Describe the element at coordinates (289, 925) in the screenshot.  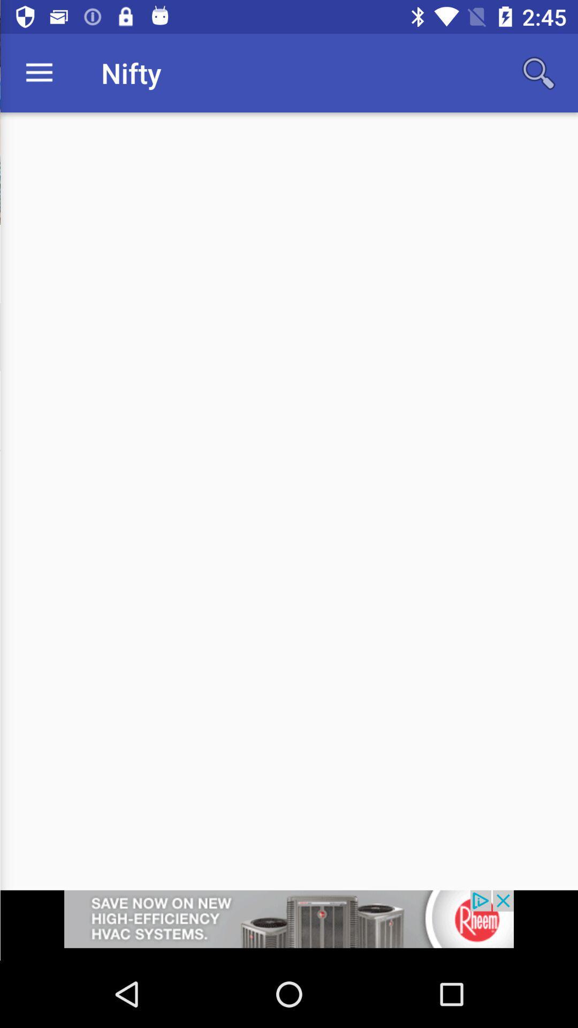
I see `open advertisement` at that location.